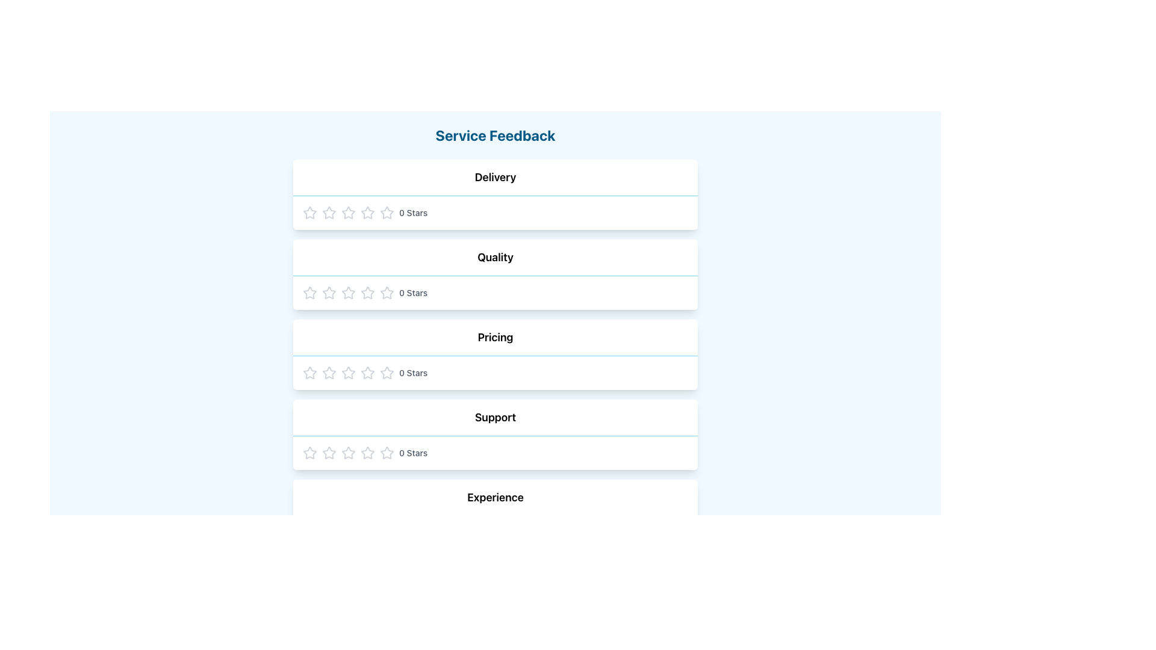 Image resolution: width=1156 pixels, height=650 pixels. What do you see at coordinates (309, 292) in the screenshot?
I see `the first hollow star icon in the five-star rating system below the 'Quality' label` at bounding box center [309, 292].